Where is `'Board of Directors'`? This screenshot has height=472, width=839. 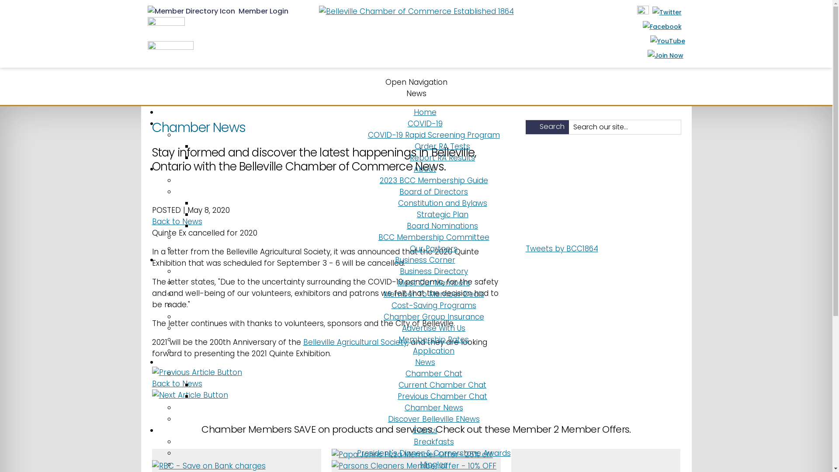
'Board of Directors' is located at coordinates (433, 191).